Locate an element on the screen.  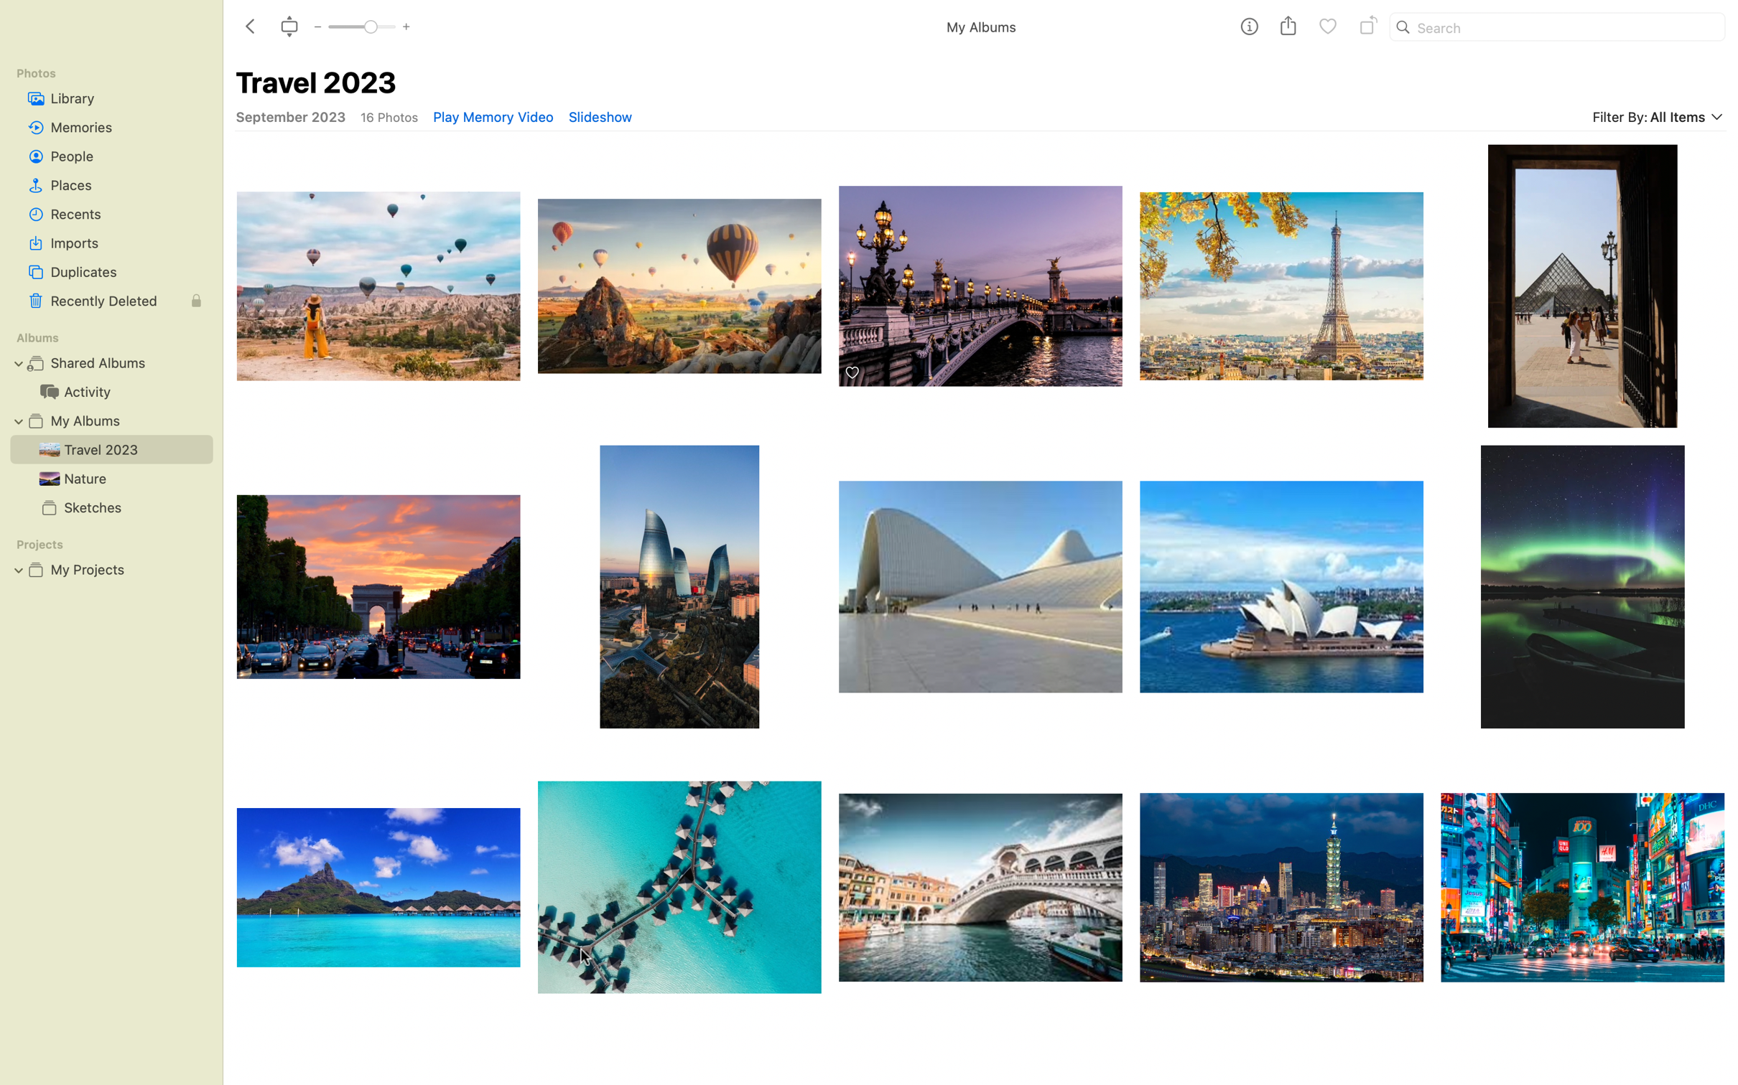
Expand the pictures in the "Nature" album using the options in the top bar is located at coordinates (106, 477).